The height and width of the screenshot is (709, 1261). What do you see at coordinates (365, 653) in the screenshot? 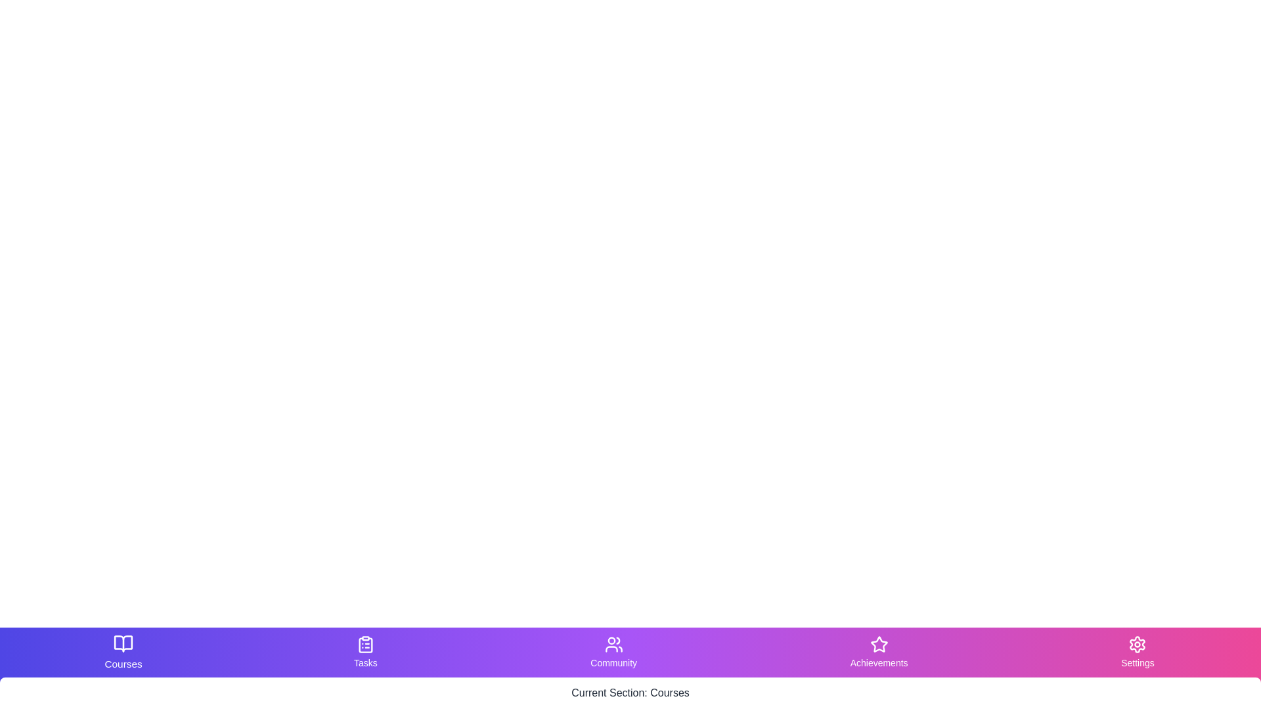
I see `the Tasks tab` at bounding box center [365, 653].